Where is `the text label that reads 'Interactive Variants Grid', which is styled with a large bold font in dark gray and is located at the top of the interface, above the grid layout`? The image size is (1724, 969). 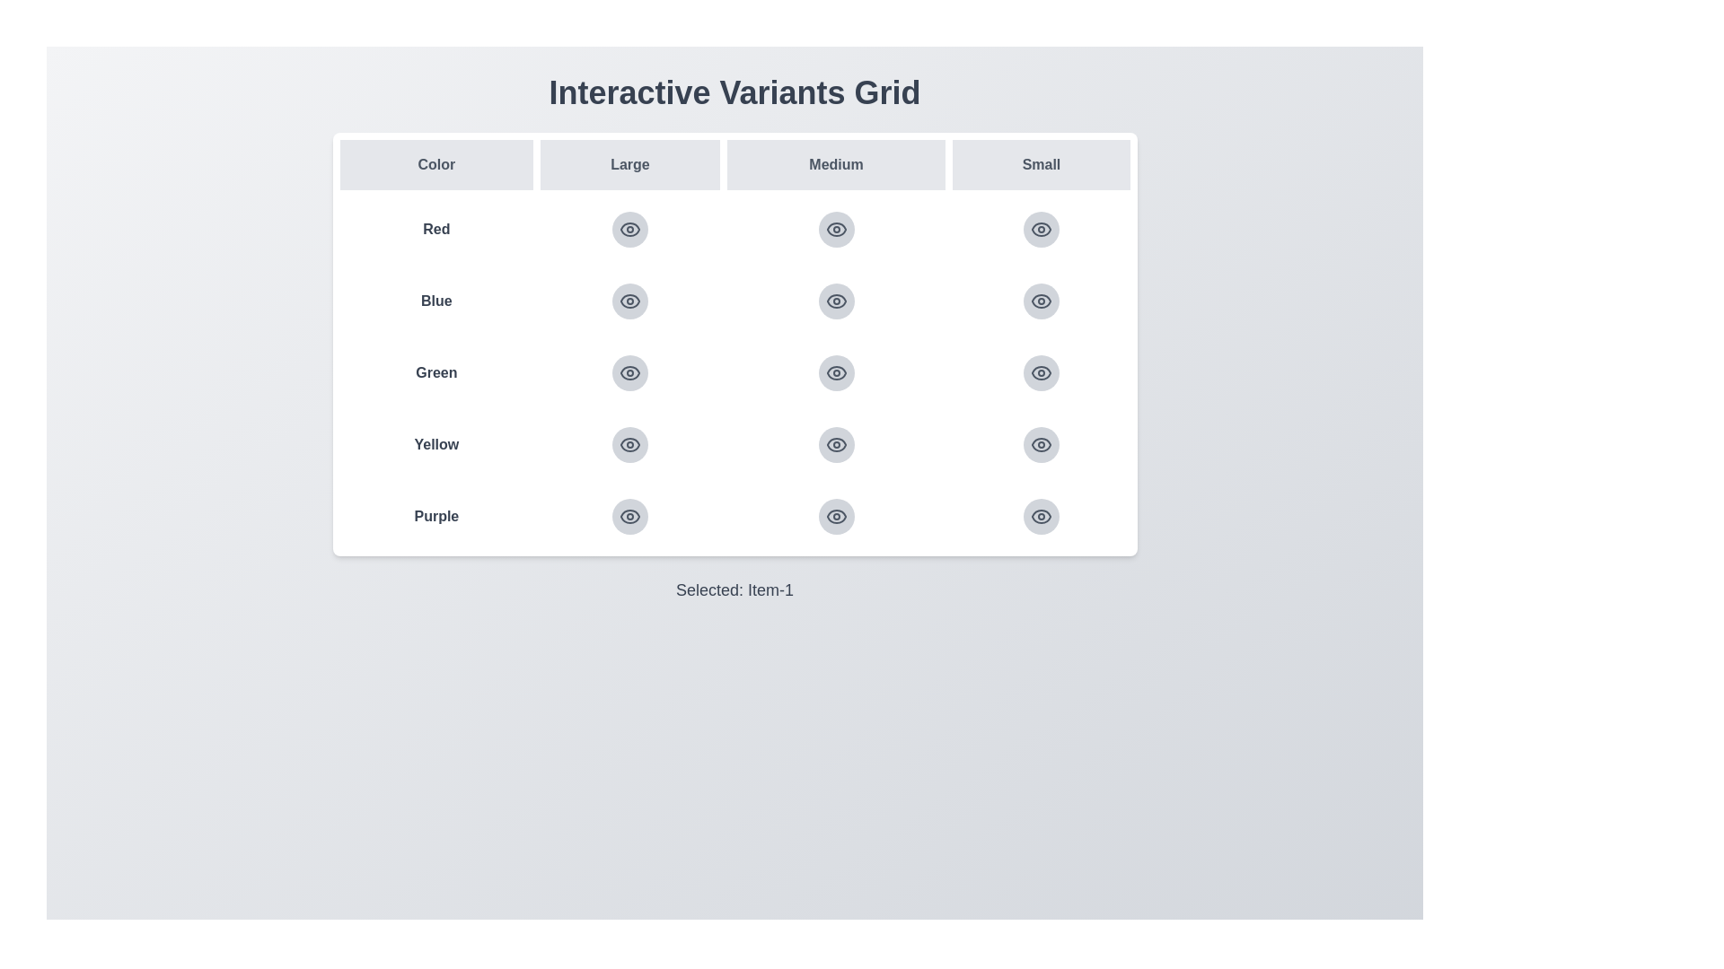 the text label that reads 'Interactive Variants Grid', which is styled with a large bold font in dark gray and is located at the top of the interface, above the grid layout is located at coordinates (734, 93).